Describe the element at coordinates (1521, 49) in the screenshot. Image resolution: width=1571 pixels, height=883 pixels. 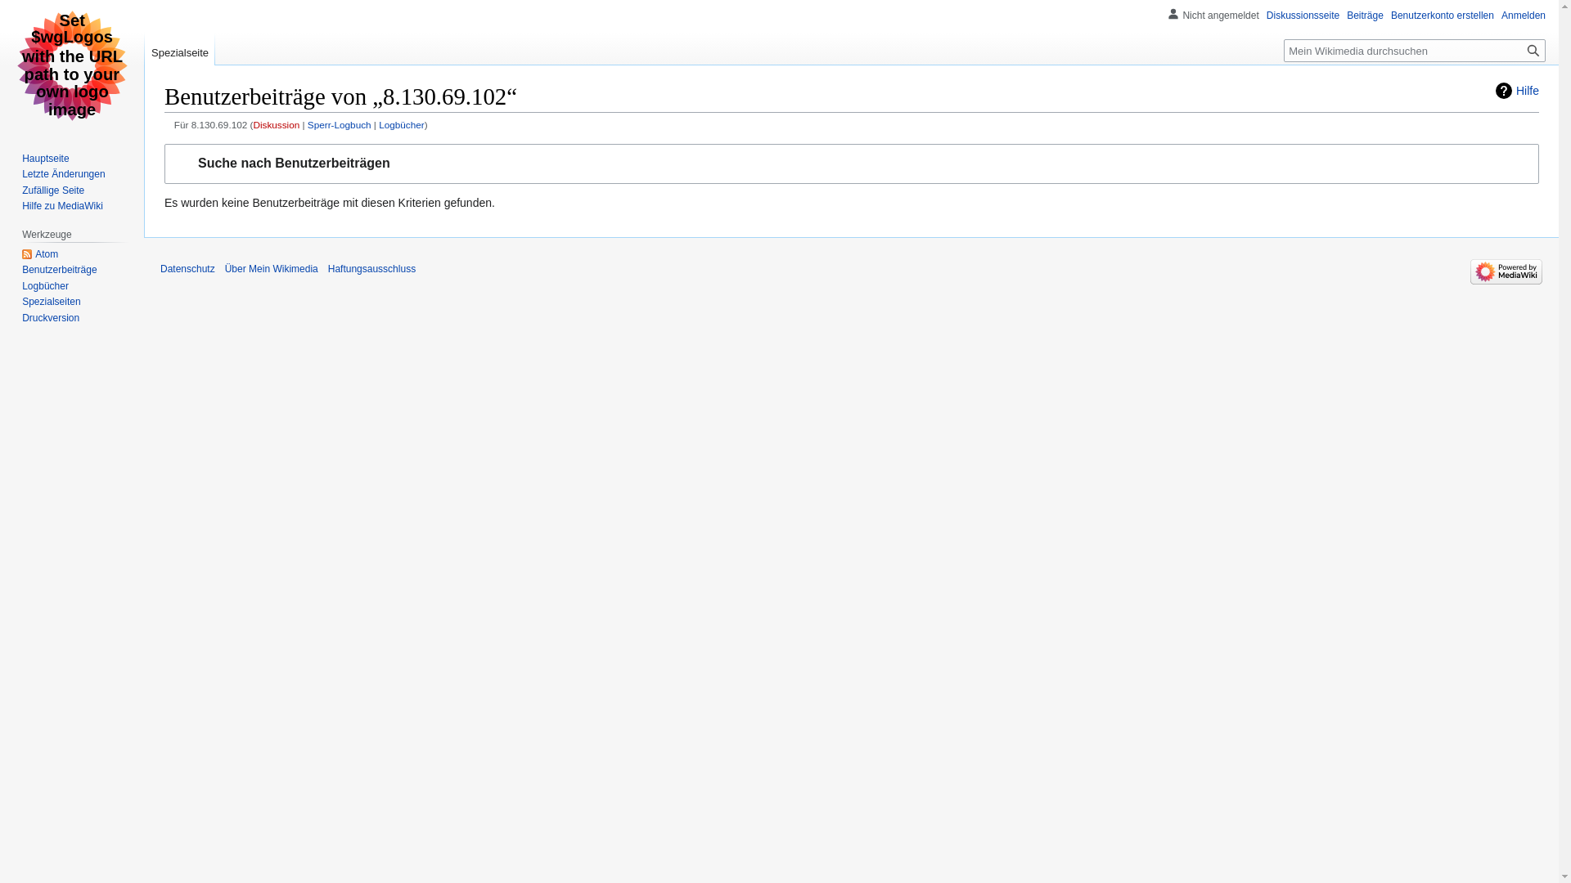
I see `'Suchen'` at that location.